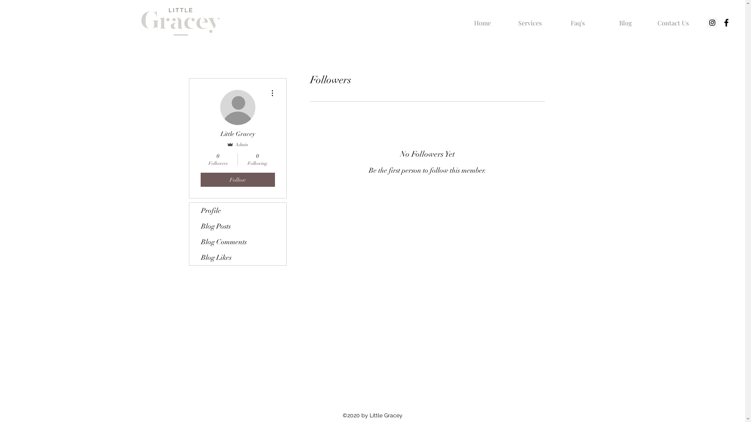 The width and height of the screenshot is (751, 422). Describe the element at coordinates (578, 19) in the screenshot. I see `'Faq's'` at that location.